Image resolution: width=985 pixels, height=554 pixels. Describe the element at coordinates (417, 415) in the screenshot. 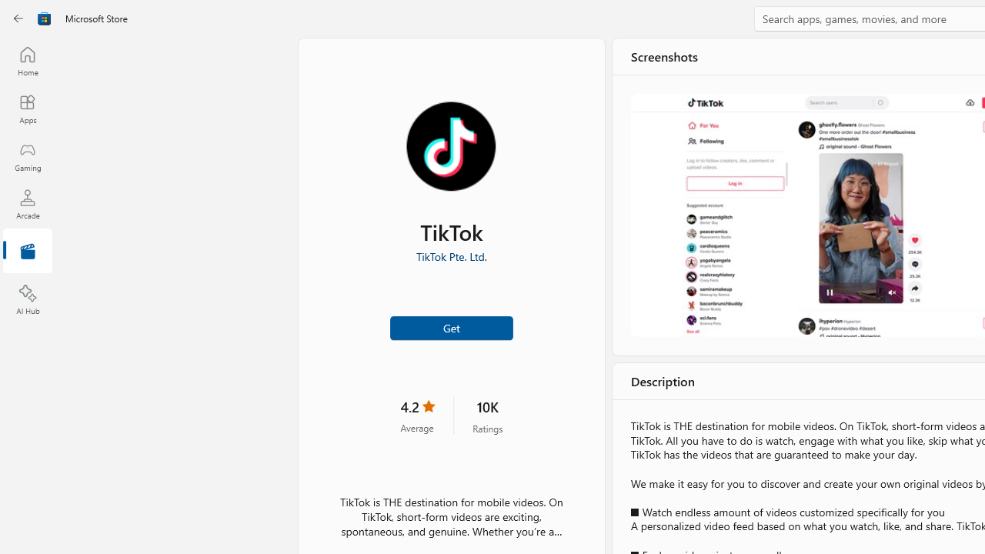

I see `'4.2 stars. Click to skip to ratings and reviews'` at that location.